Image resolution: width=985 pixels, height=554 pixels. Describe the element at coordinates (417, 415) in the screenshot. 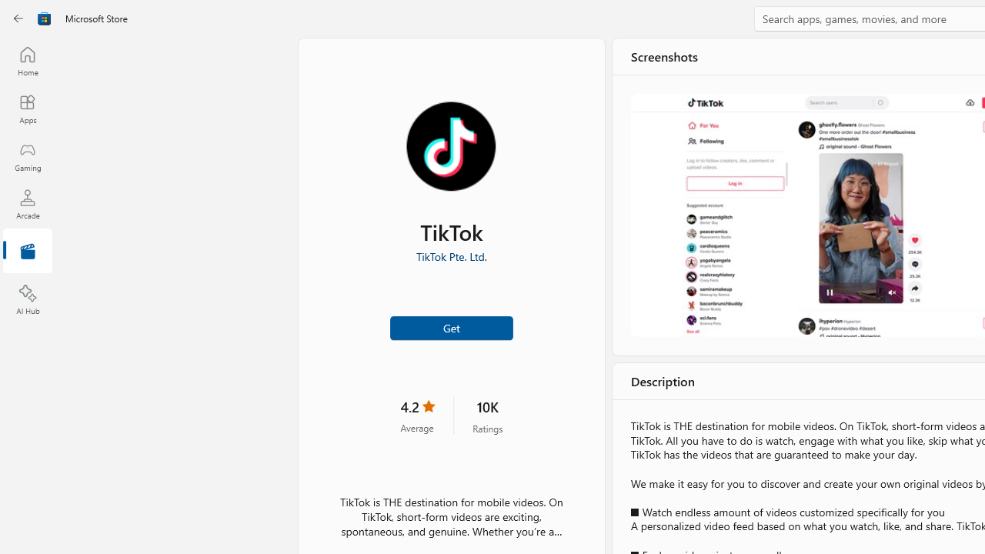

I see `'4.2 stars. Click to skip to ratings and reviews'` at that location.